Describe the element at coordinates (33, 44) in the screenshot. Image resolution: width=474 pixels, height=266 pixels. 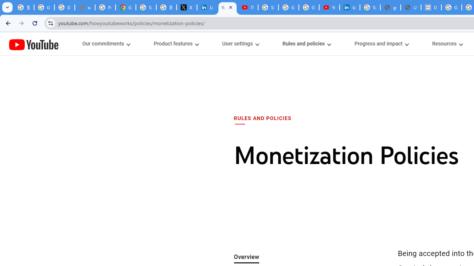
I see `'How YouTube Works'` at that location.